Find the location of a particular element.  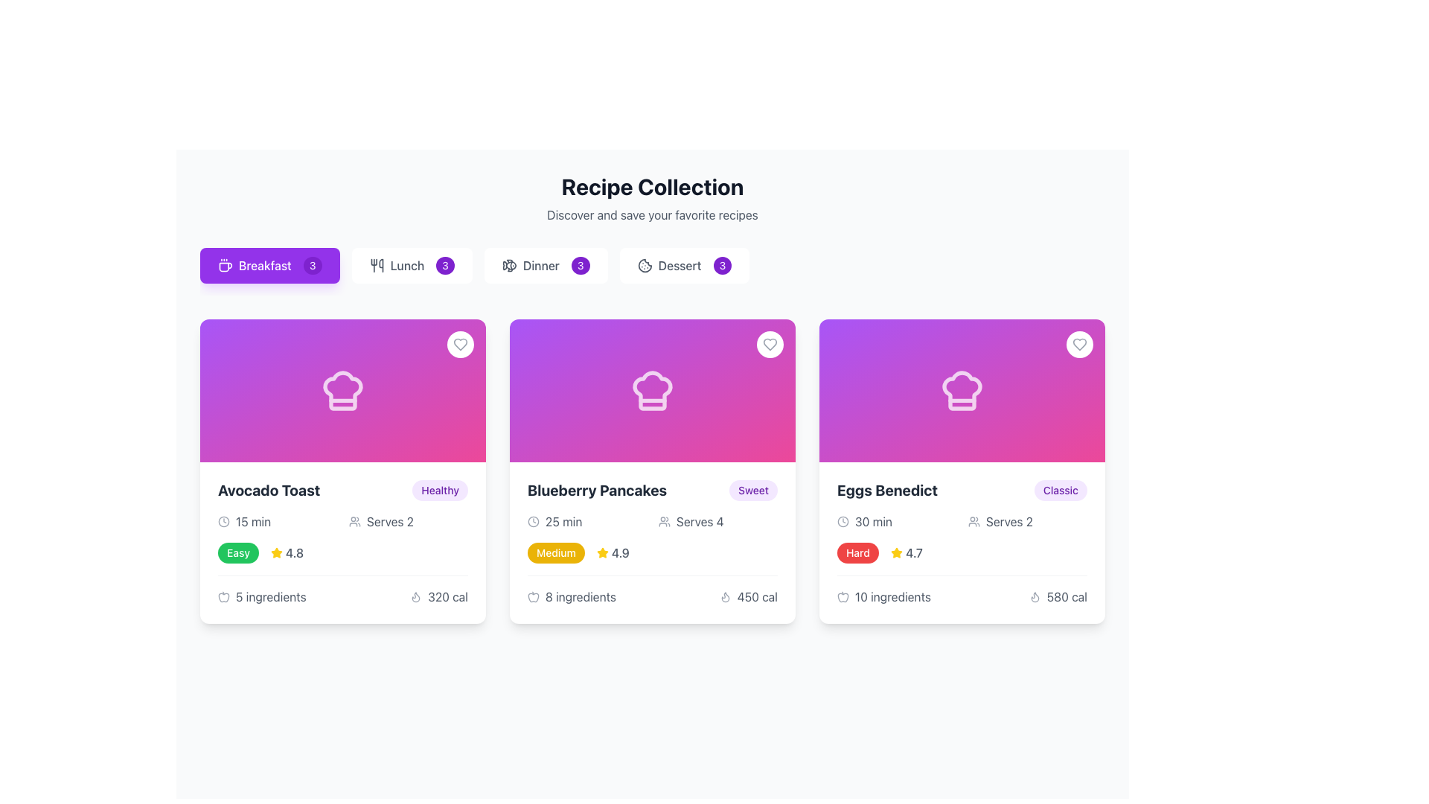

the icon located to the left of the 'Serves 2' text in the 'Avocado Toast' card, which visually reinforces the information about the number of servings is located at coordinates (354, 521).